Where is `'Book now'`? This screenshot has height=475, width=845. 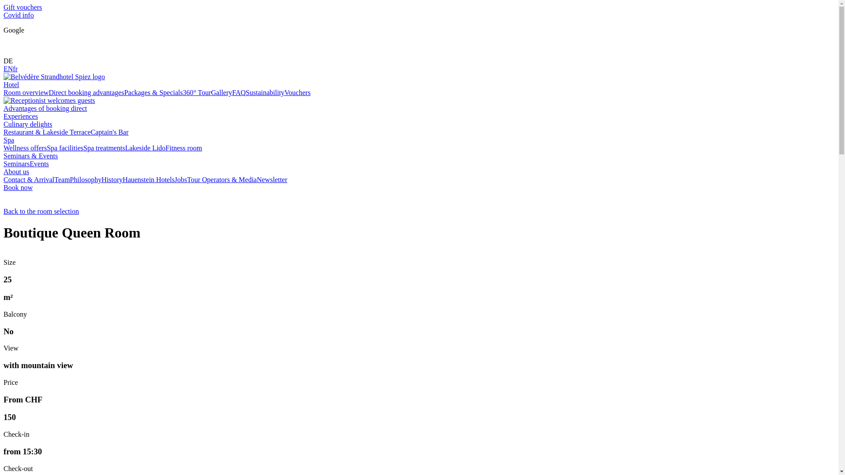 'Book now' is located at coordinates (18, 187).